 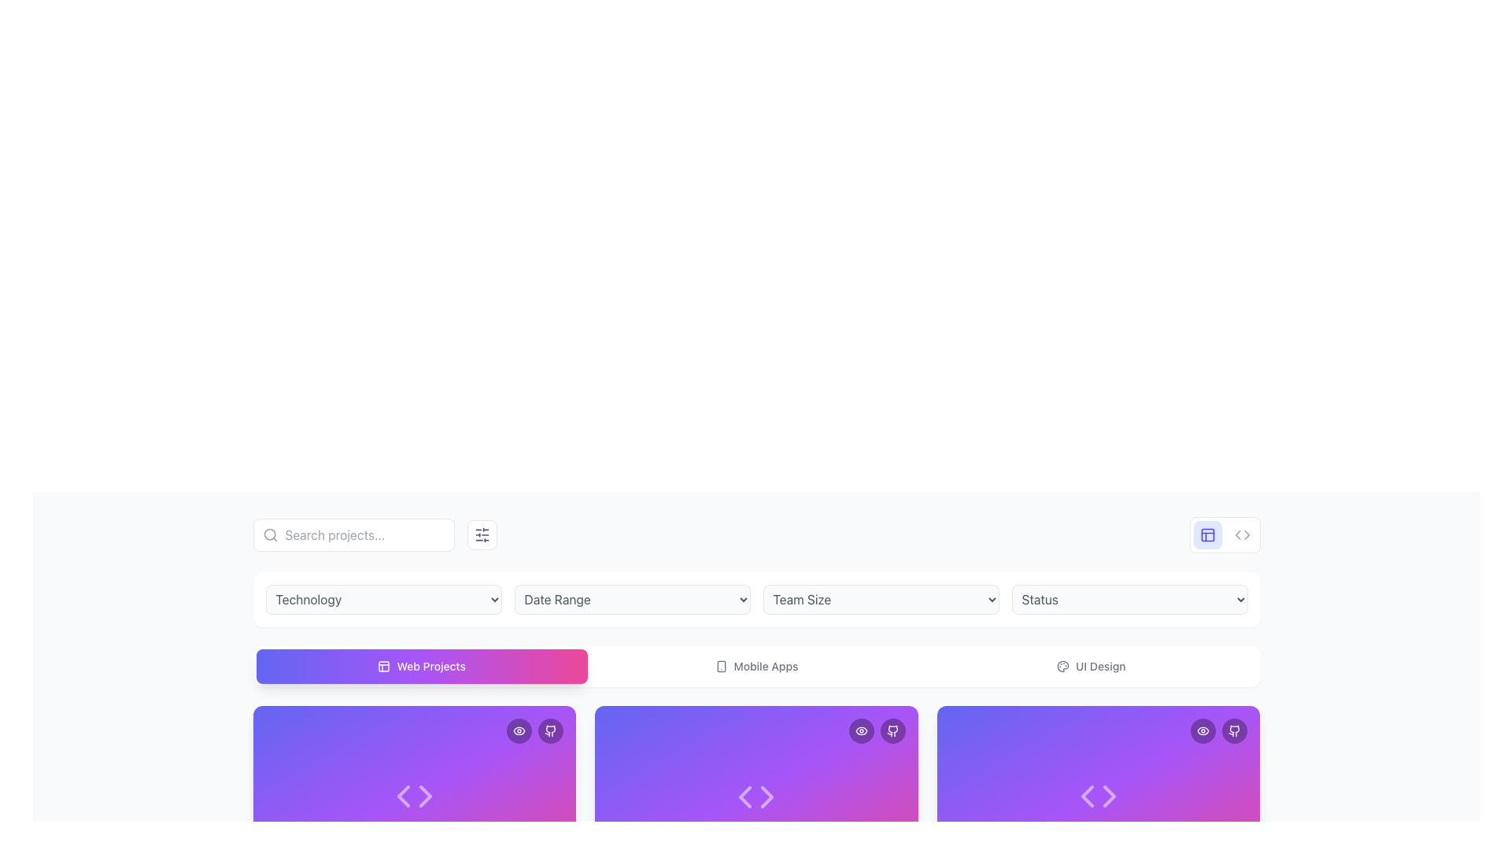 I want to click on the Circle element representing the circular section of the search icon, which is part of the magnifying glass symbol for the search function, located at the left side of the search input bar, so click(x=269, y=534).